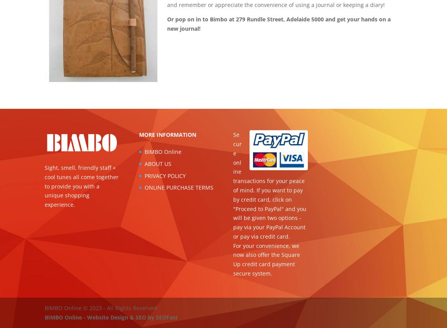 The width and height of the screenshot is (447, 328). I want to click on 'ONLINE PURCHASE TERMS', so click(178, 187).